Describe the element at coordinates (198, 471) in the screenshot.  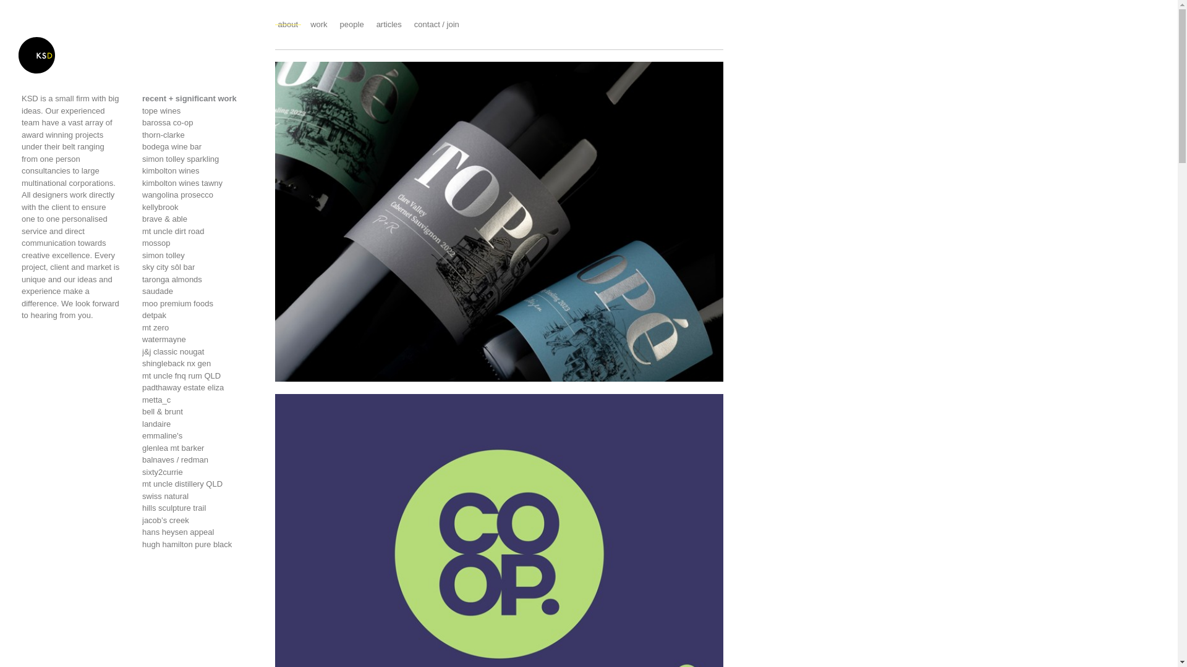
I see `'sixty2currie'` at that location.